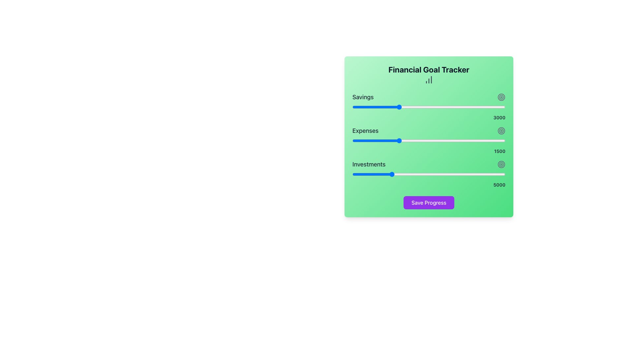  Describe the element at coordinates (429, 202) in the screenshot. I see `the 'Save Progress' button with tab navigation` at that location.